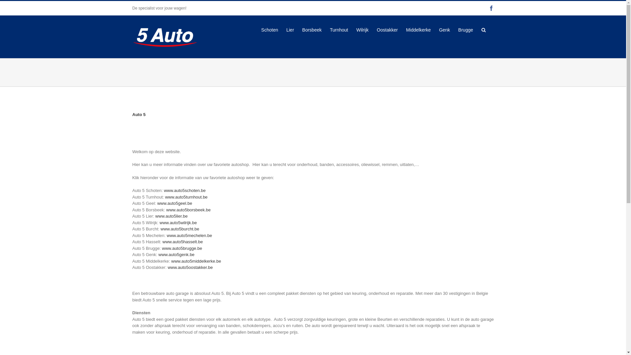 The image size is (631, 355). What do you see at coordinates (165, 197) in the screenshot?
I see `'www.auto5turnhout.be'` at bounding box center [165, 197].